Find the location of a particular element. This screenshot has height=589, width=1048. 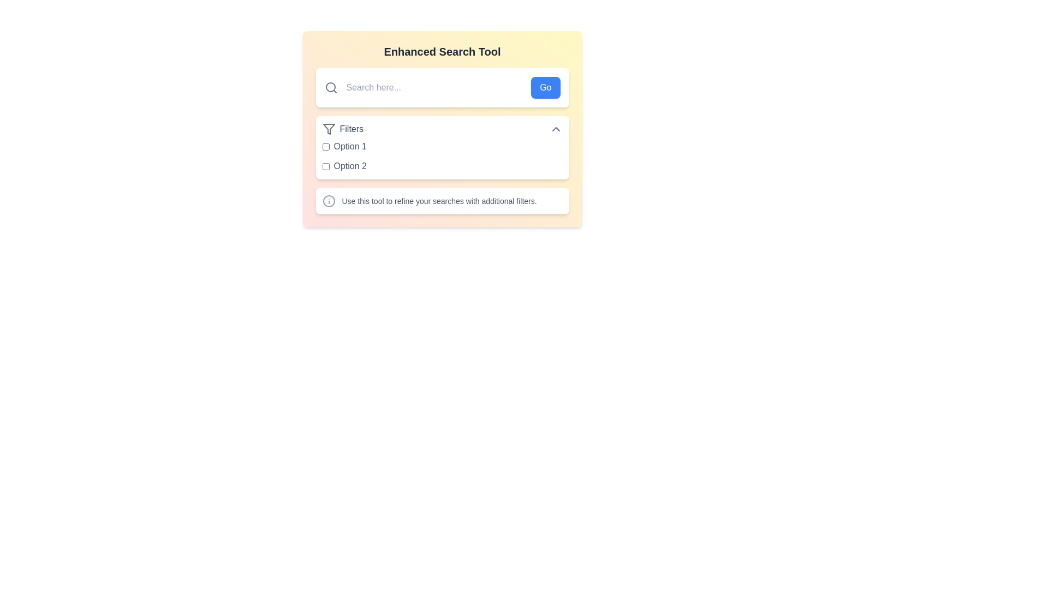

the small circular gray icon with an 'info' symbol located to the left of the text 'Use this tool to refine your searches with additional filters.' is located at coordinates (328, 201).